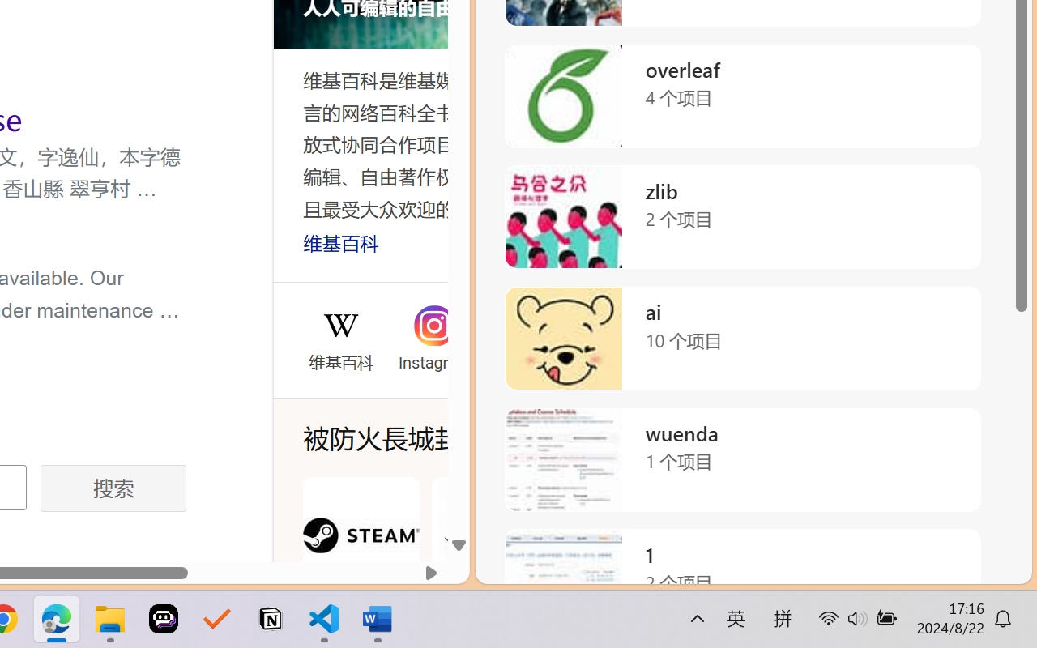 This screenshot has width=1037, height=648. I want to click on 'Wikipedia', so click(339, 326).